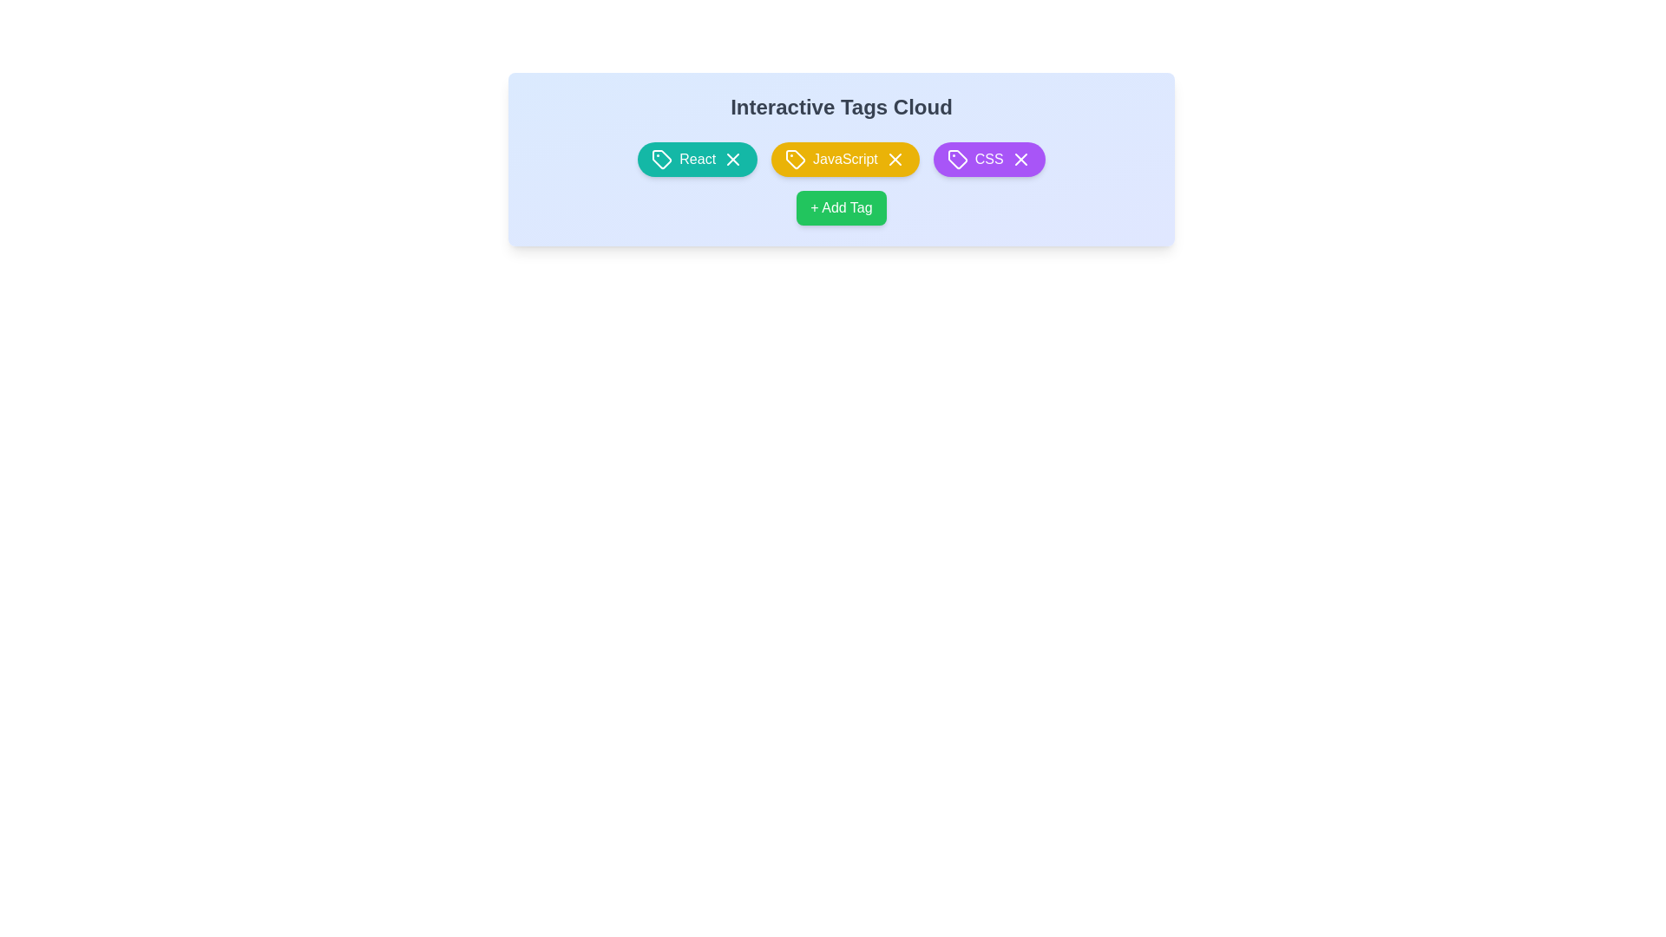  Describe the element at coordinates (841, 206) in the screenshot. I see `the '+ Add Tag' button to add a new tag to the tag cloud` at that location.